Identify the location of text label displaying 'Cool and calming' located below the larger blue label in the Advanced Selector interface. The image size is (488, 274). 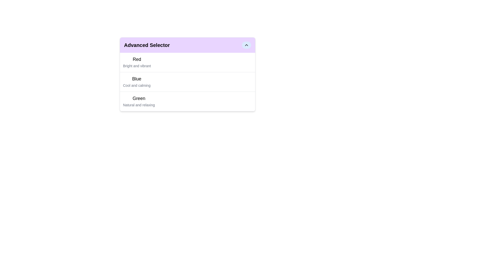
(137, 85).